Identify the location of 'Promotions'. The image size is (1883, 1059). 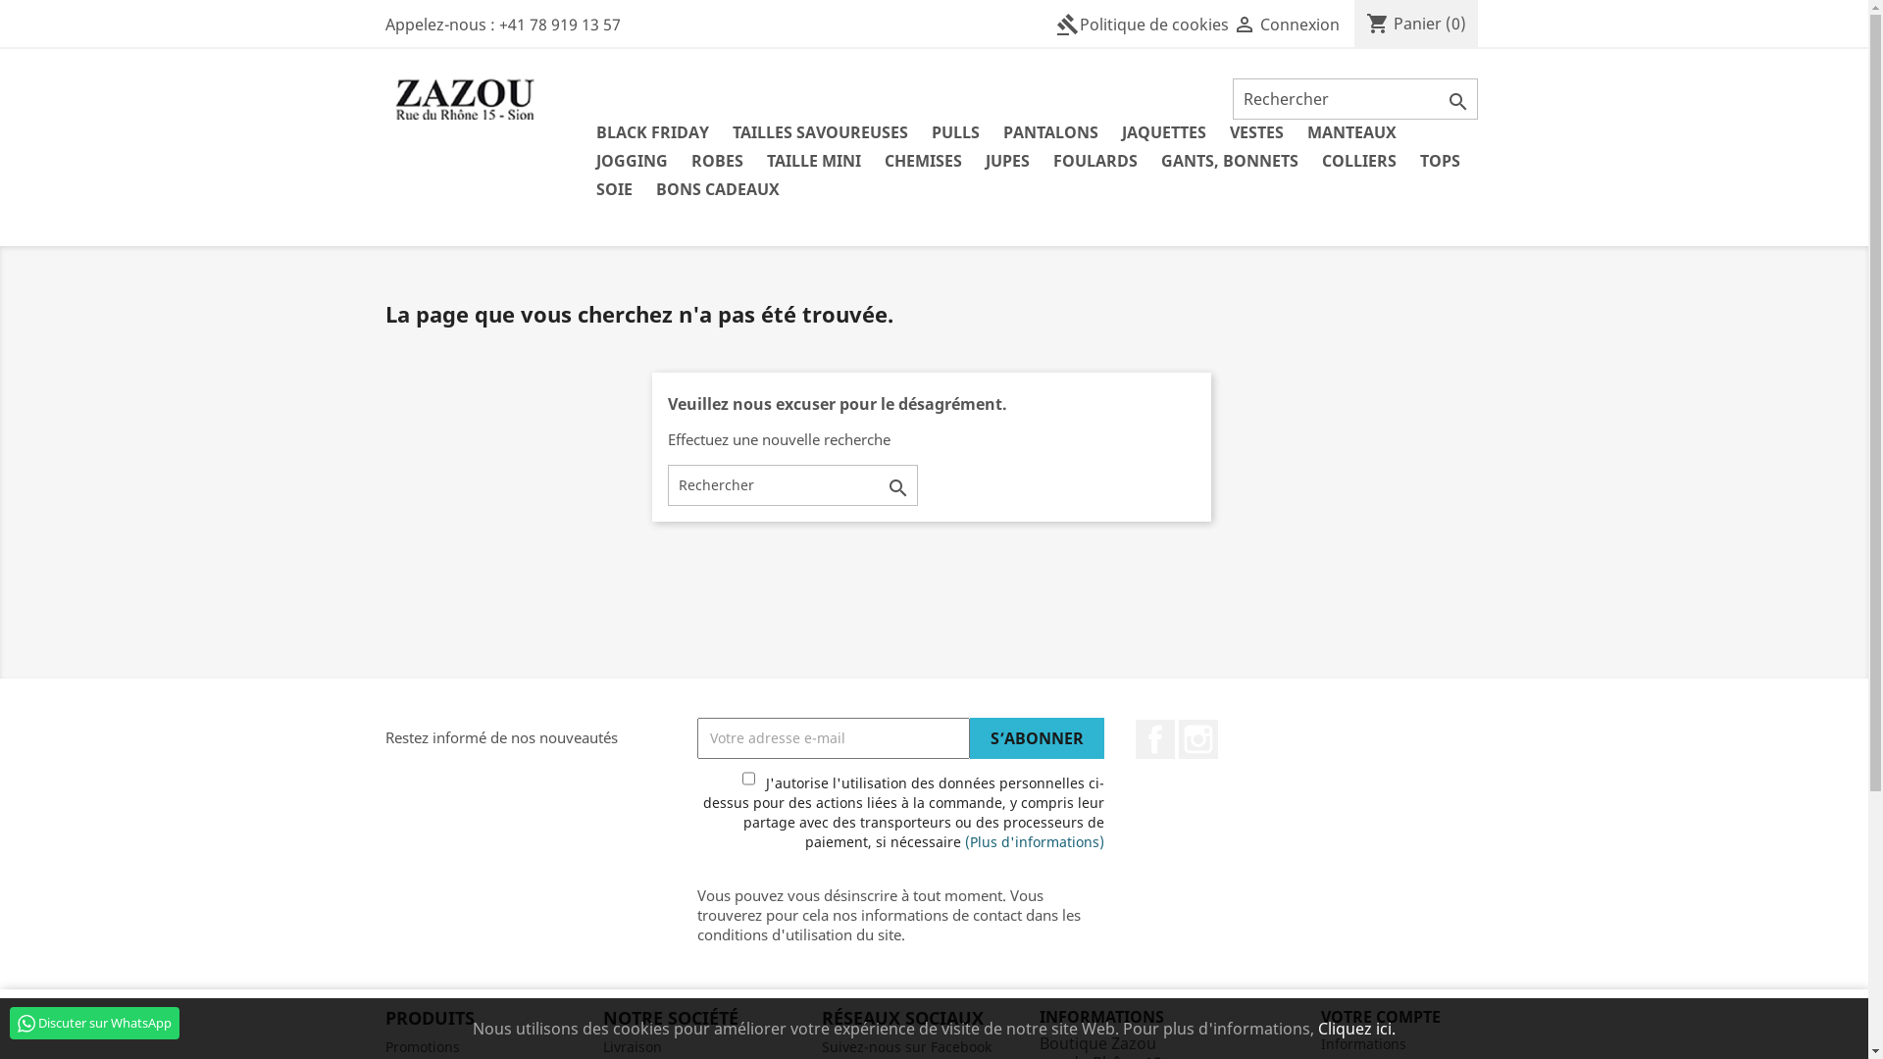
(384, 1045).